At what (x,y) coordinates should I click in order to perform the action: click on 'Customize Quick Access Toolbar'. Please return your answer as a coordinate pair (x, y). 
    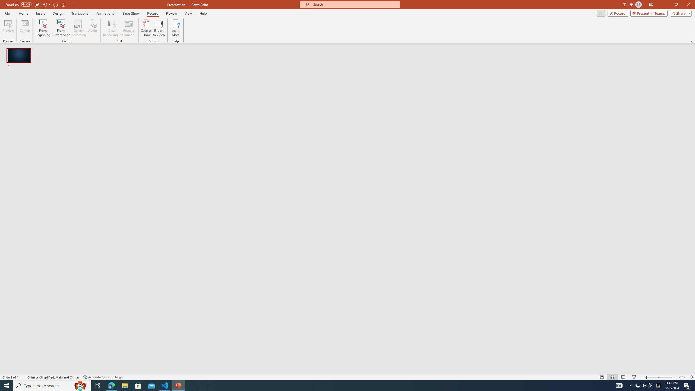
    Looking at the image, I should click on (71, 4).